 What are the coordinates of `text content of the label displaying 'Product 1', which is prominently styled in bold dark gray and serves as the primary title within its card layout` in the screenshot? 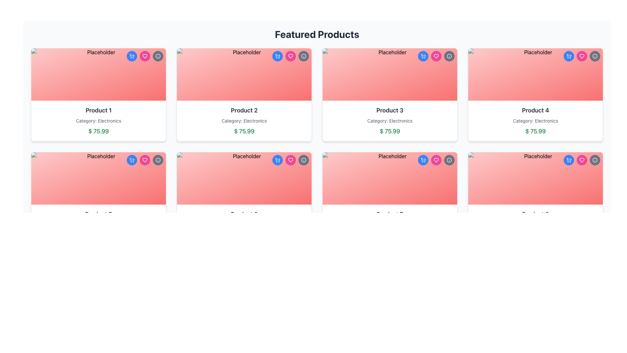 It's located at (98, 110).